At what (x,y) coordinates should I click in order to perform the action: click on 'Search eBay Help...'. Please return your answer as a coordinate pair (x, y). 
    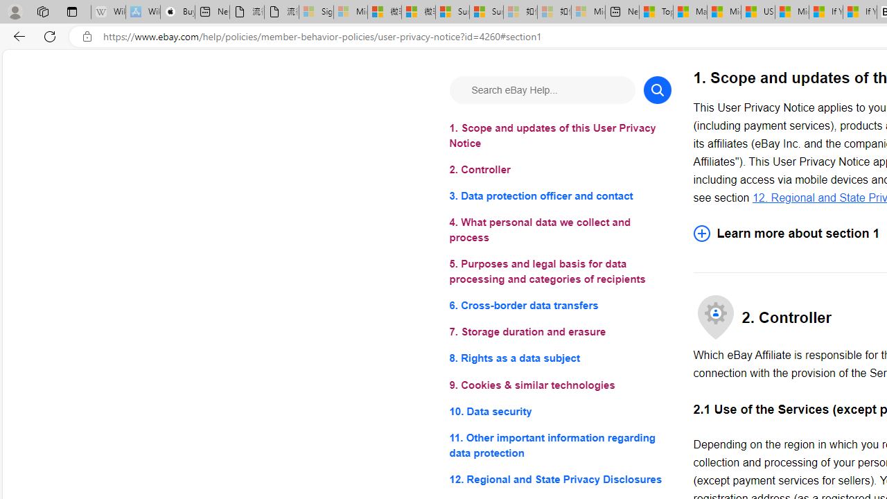
    Looking at the image, I should click on (541, 89).